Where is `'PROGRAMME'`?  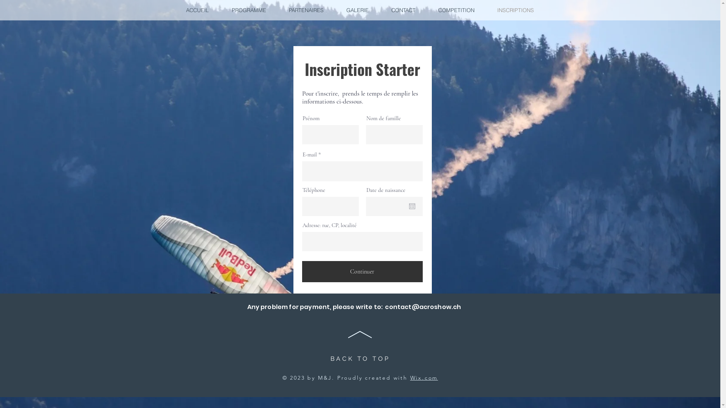
'PROGRAMME' is located at coordinates (248, 10).